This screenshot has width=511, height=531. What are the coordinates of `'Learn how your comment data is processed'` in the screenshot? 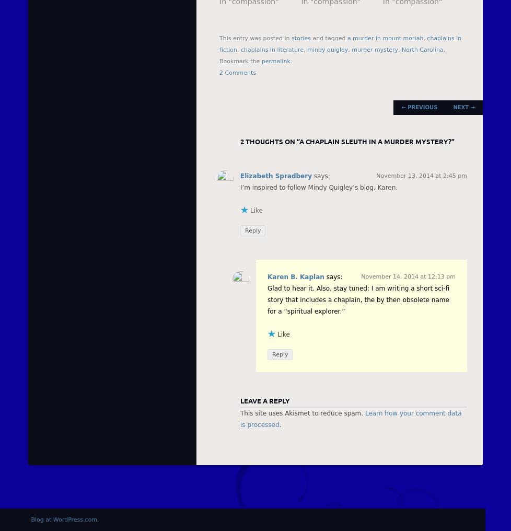 It's located at (351, 419).